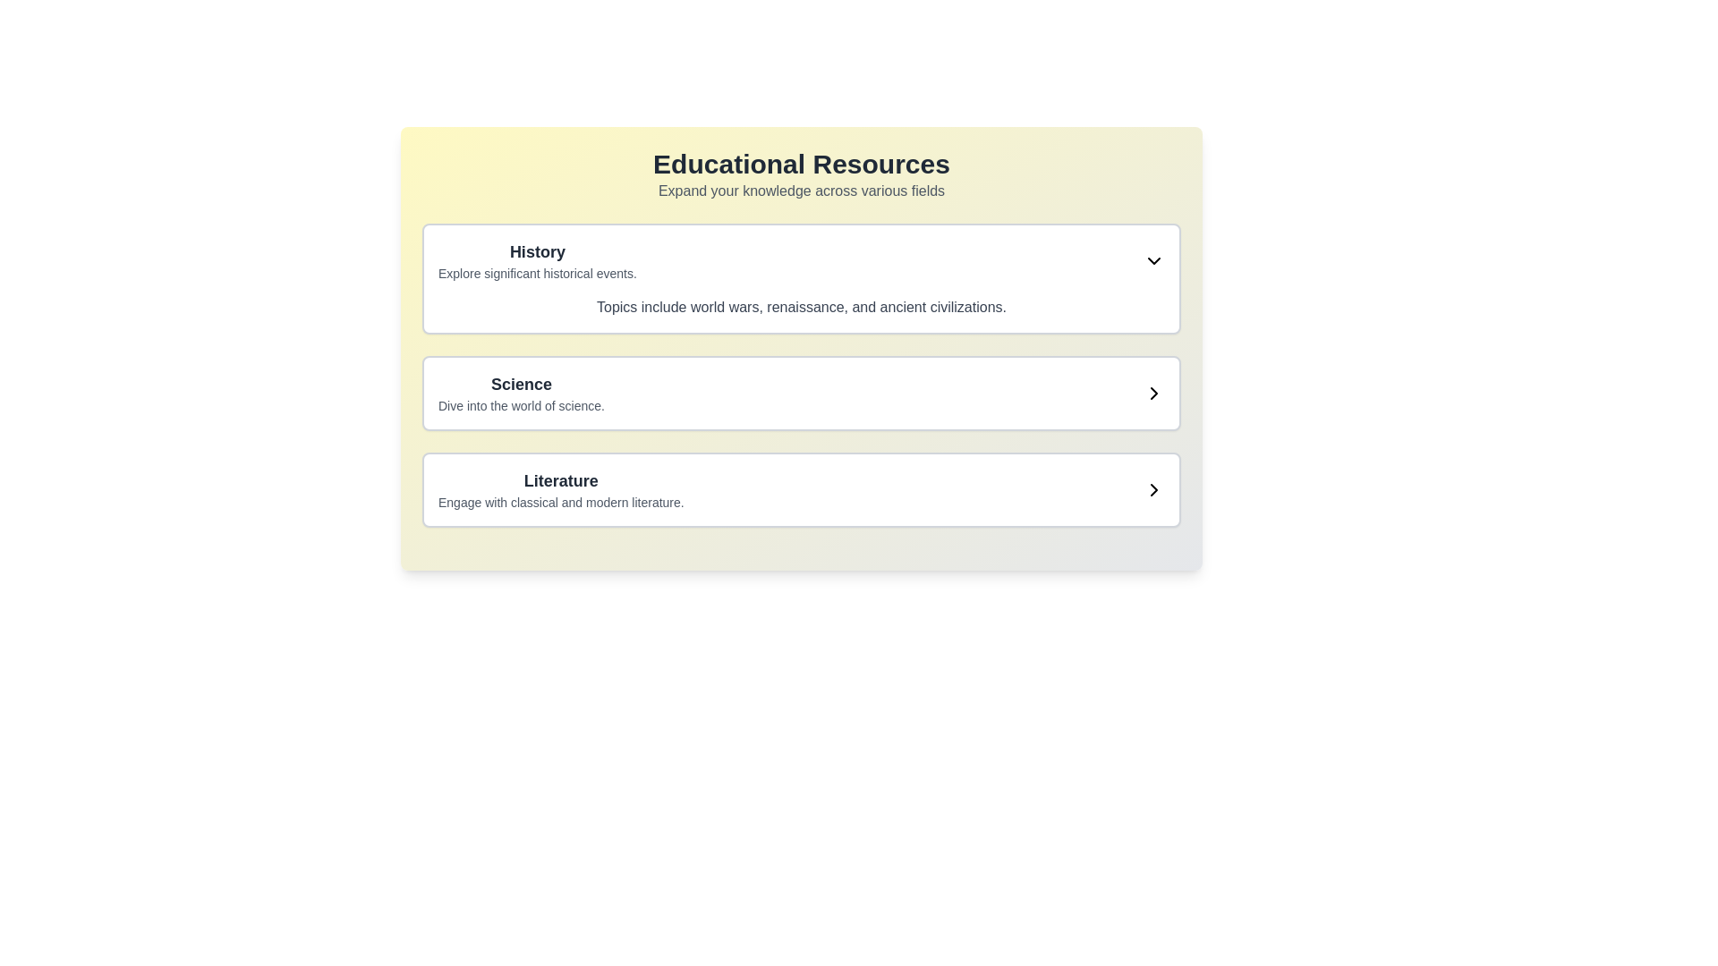 The height and width of the screenshot is (966, 1718). Describe the element at coordinates (520, 406) in the screenshot. I see `text label that displays 'Dive into the world of science.' which is located below the bold heading 'Science' in the second section of the list` at that location.